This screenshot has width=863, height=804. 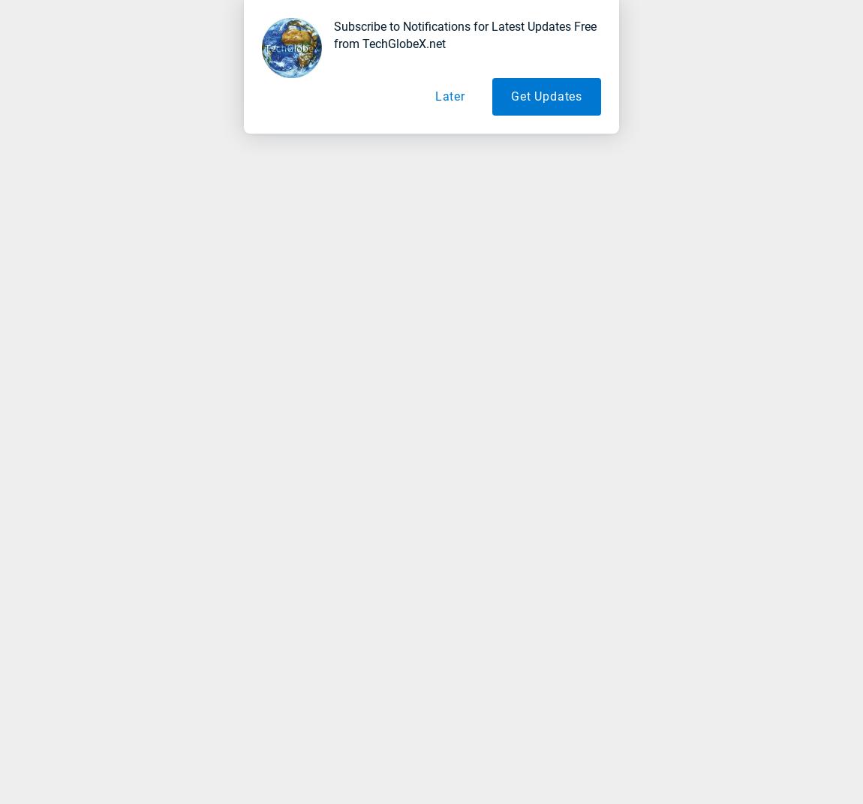 What do you see at coordinates (185, 788) in the screenshot?
I see `'SERPs (Search Engine Ranking Pages)'` at bounding box center [185, 788].